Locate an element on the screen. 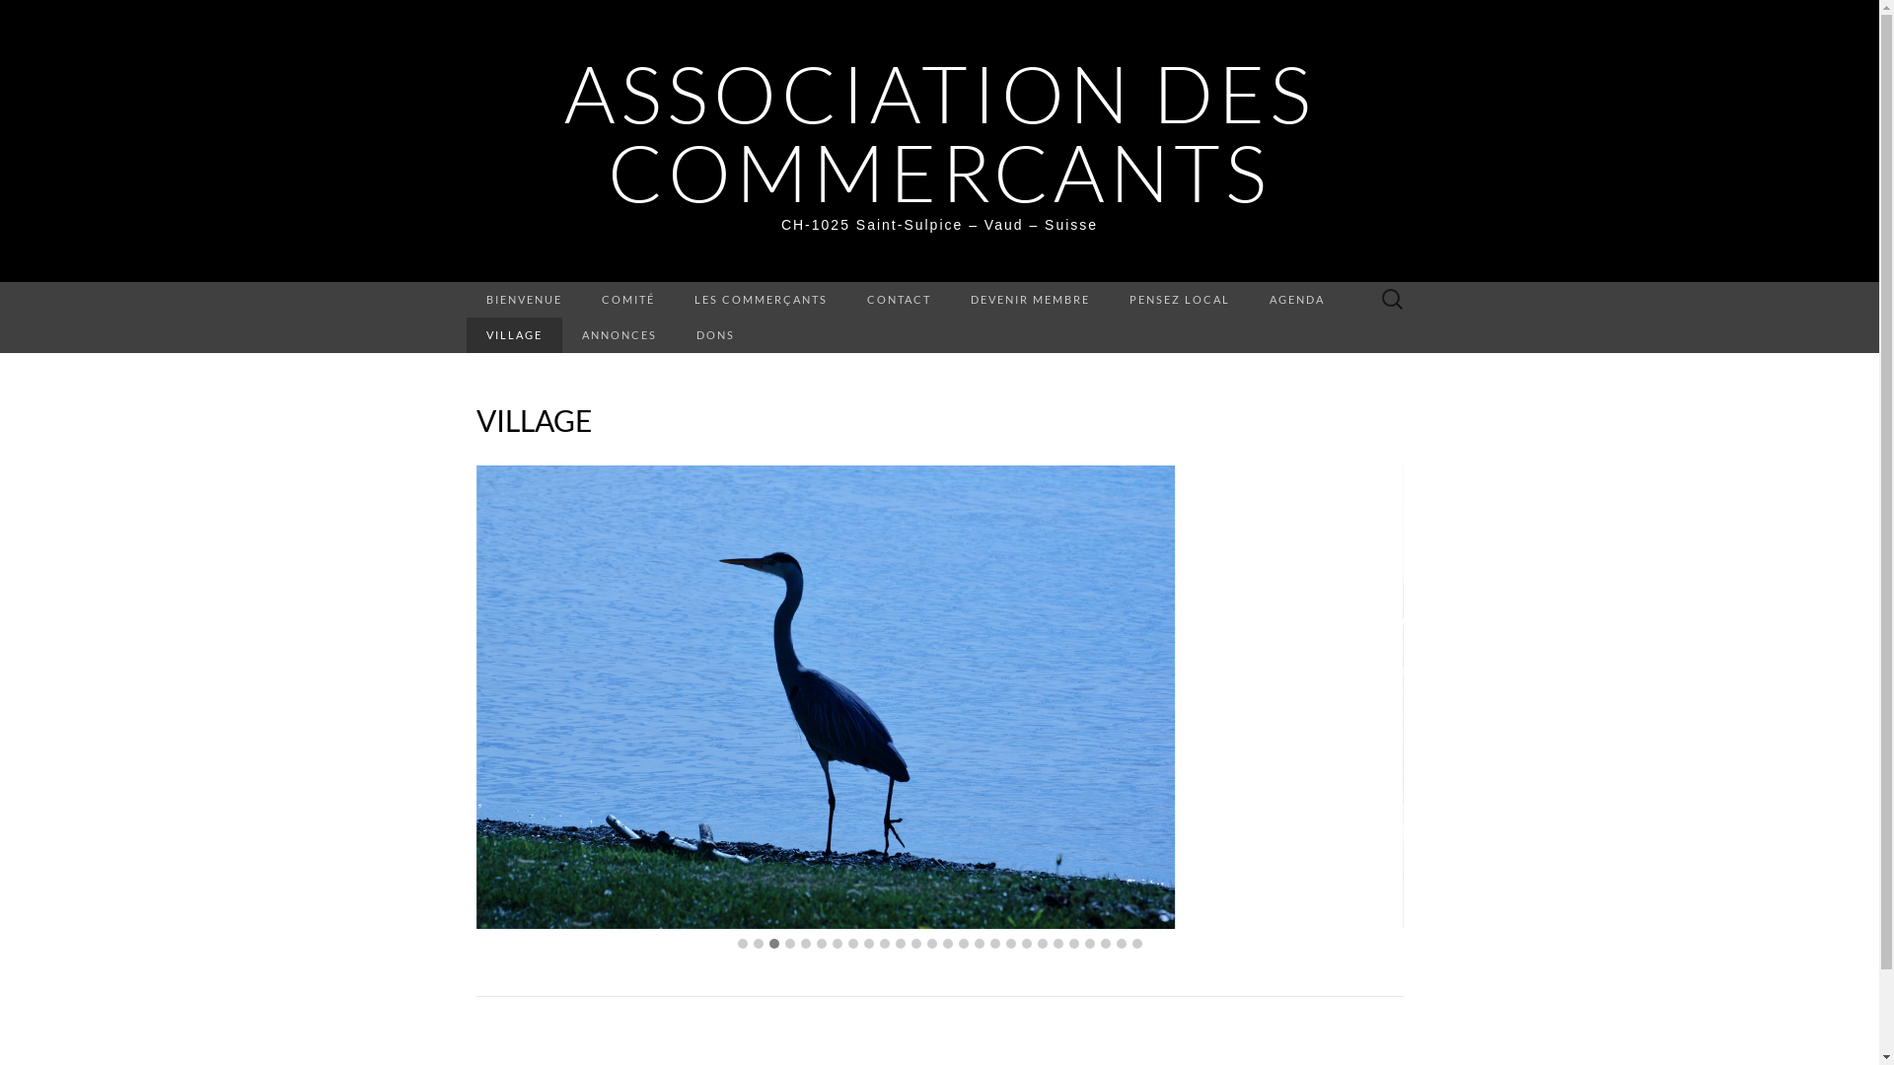  'VILLAGE' is located at coordinates (513, 333).